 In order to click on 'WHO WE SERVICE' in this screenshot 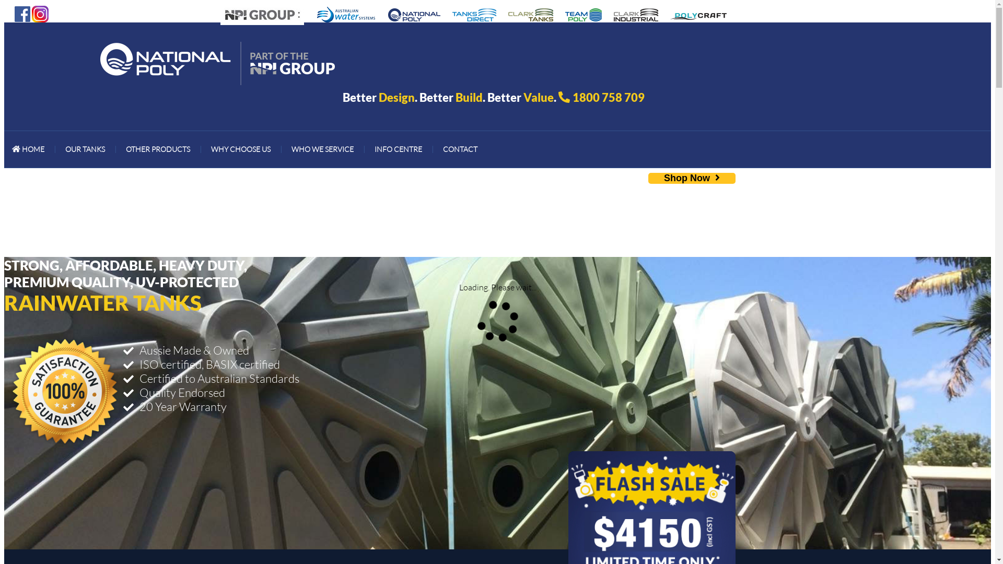, I will do `click(322, 149)`.